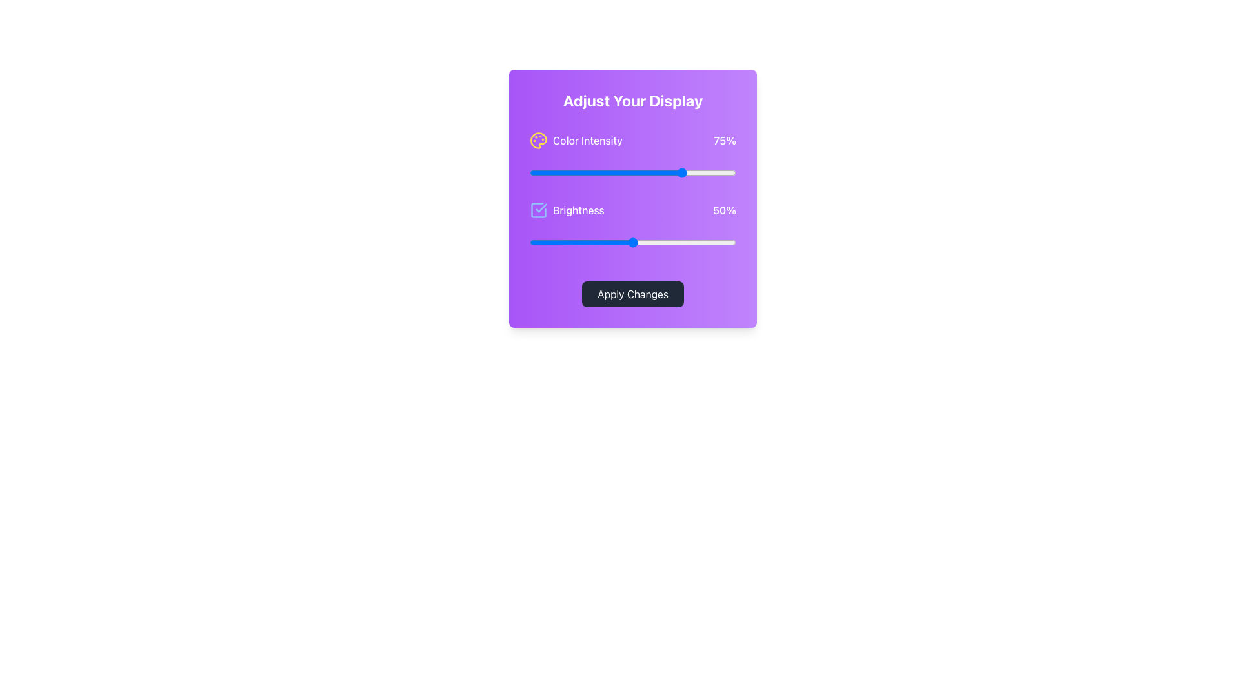  Describe the element at coordinates (709, 172) in the screenshot. I see `the slider` at that location.